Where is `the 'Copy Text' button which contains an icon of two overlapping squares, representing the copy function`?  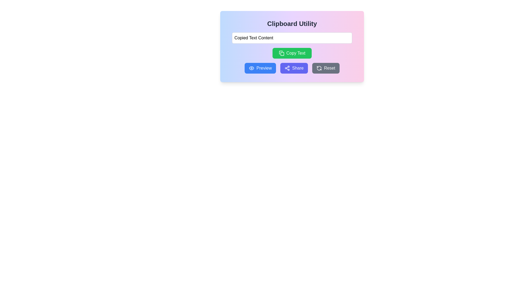
the 'Copy Text' button which contains an icon of two overlapping squares, representing the copy function is located at coordinates (281, 53).